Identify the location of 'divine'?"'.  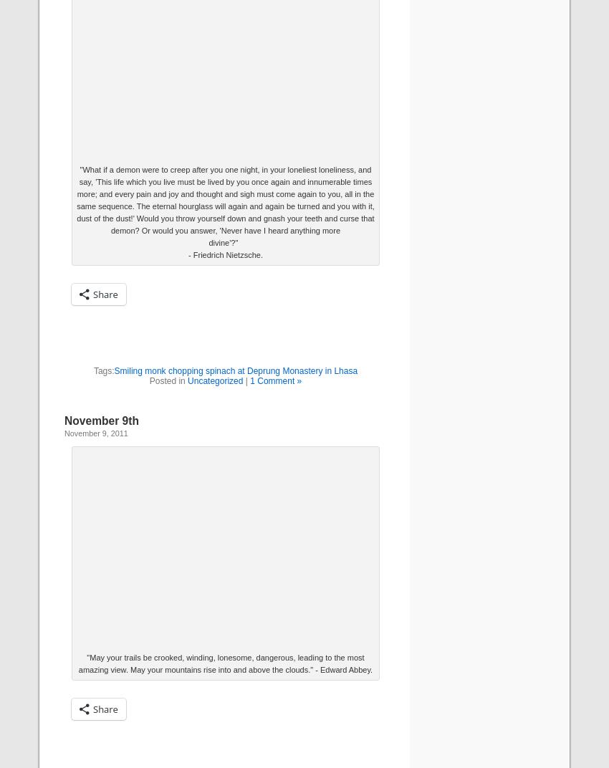
(225, 242).